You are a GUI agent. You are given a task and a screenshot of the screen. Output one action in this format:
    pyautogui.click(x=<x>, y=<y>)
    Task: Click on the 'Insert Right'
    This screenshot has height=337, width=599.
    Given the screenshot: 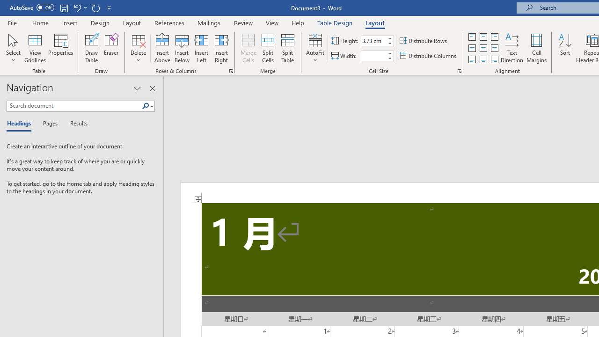 What is the action you would take?
    pyautogui.click(x=220, y=48)
    